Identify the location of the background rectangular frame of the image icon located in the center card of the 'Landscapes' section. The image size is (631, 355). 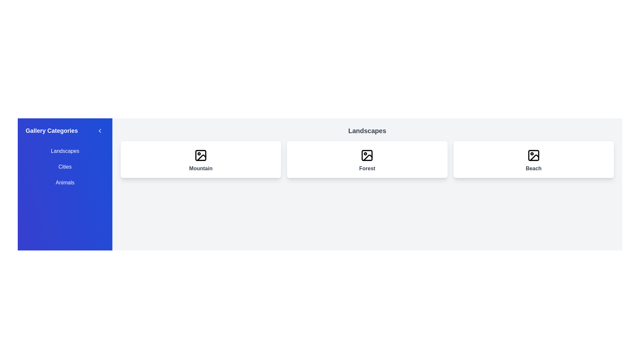
(367, 155).